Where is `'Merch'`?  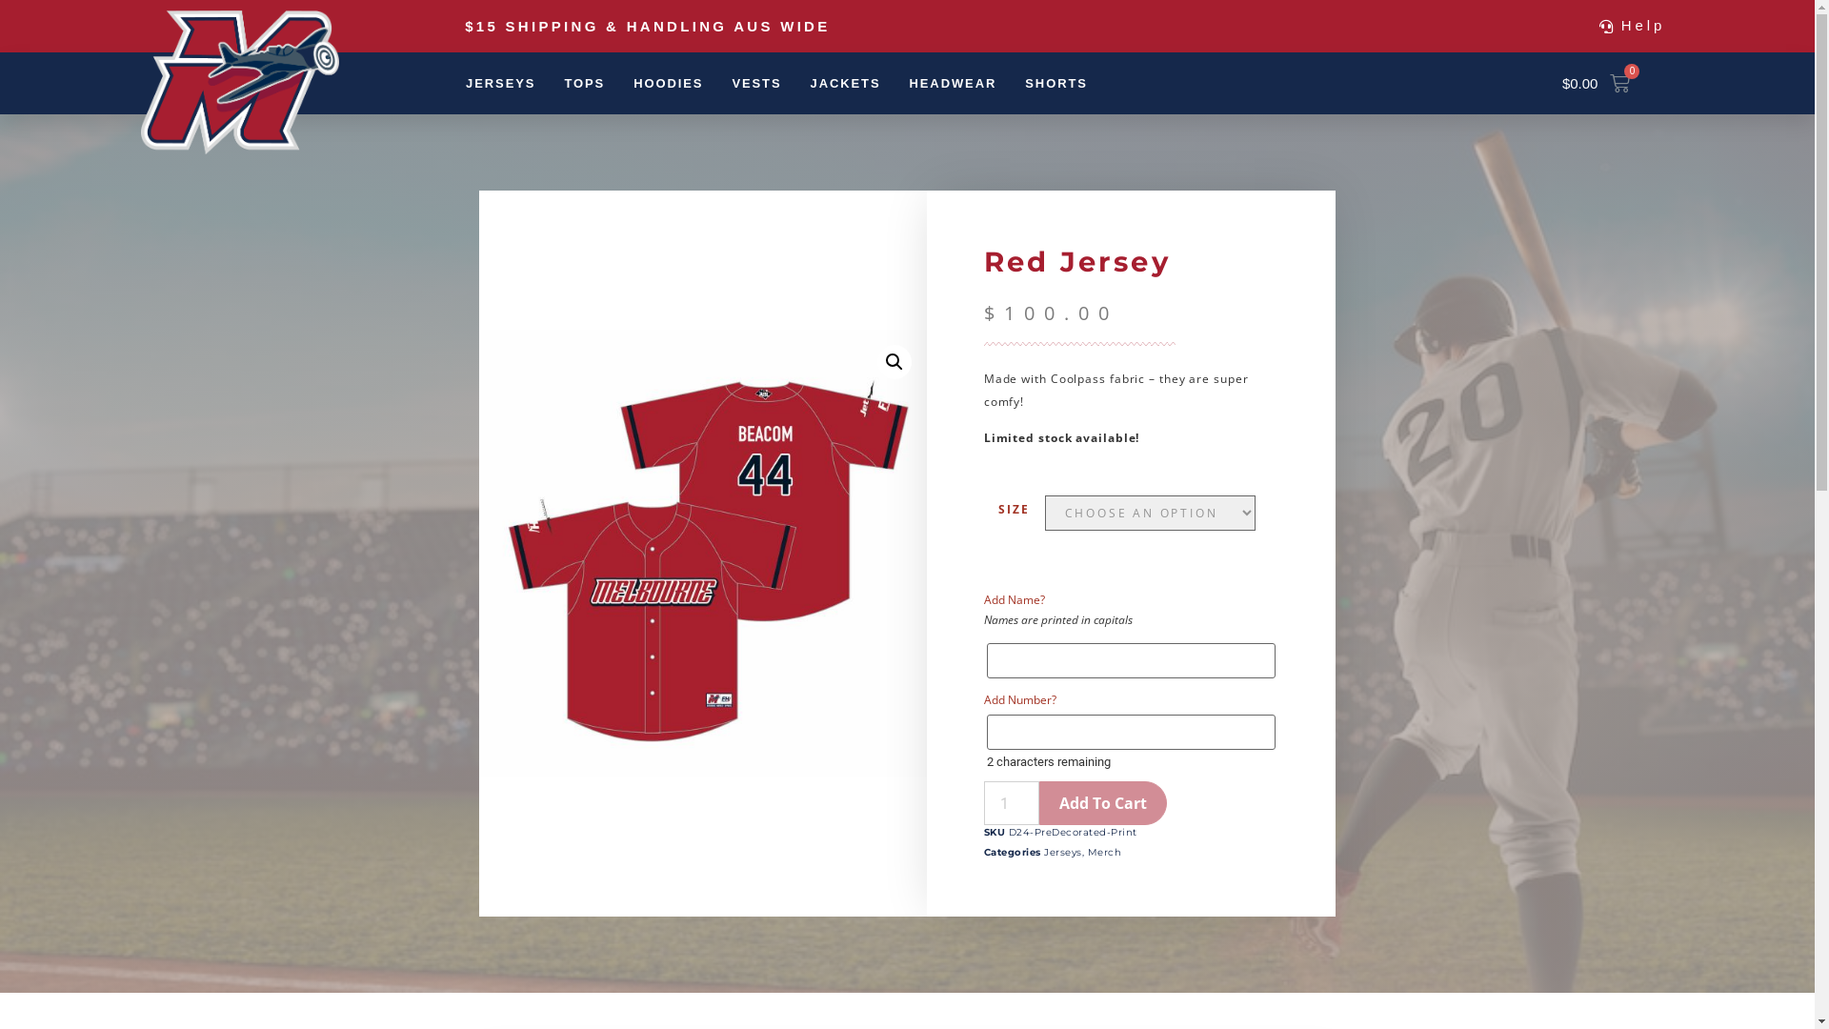
'Merch' is located at coordinates (1105, 851).